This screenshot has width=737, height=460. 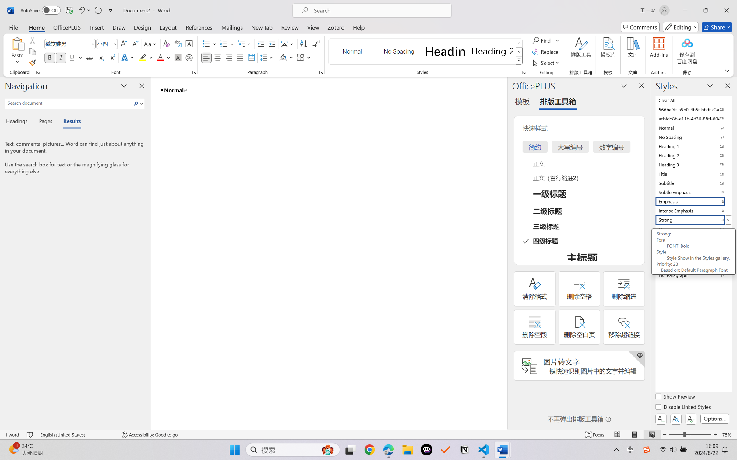 I want to click on 'Numbering', so click(x=224, y=44).